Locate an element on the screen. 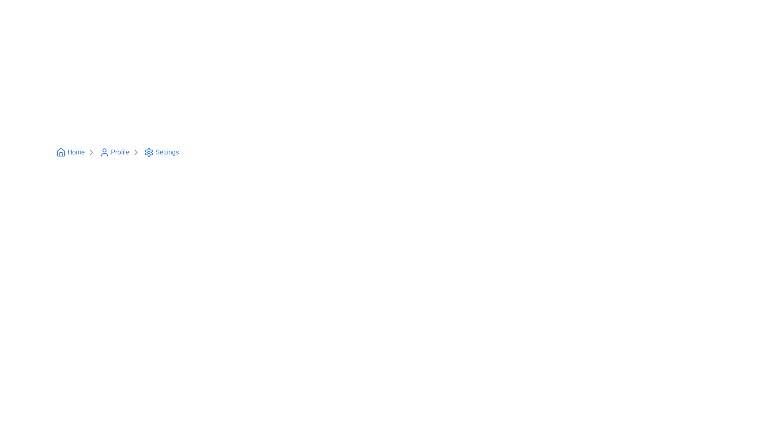 The image size is (781, 439). the house-shaped icon in the breadcrumb navigation bar, which is filled with blue color and has a distinctive outline, located next to the 'Home' label is located at coordinates (60, 152).